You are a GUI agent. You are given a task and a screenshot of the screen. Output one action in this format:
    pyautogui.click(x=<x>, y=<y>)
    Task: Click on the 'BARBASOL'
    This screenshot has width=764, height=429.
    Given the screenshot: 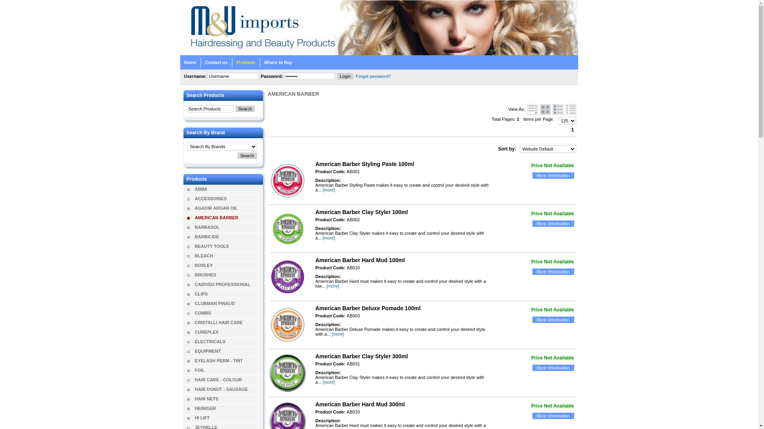 What is the action you would take?
    pyautogui.click(x=228, y=227)
    